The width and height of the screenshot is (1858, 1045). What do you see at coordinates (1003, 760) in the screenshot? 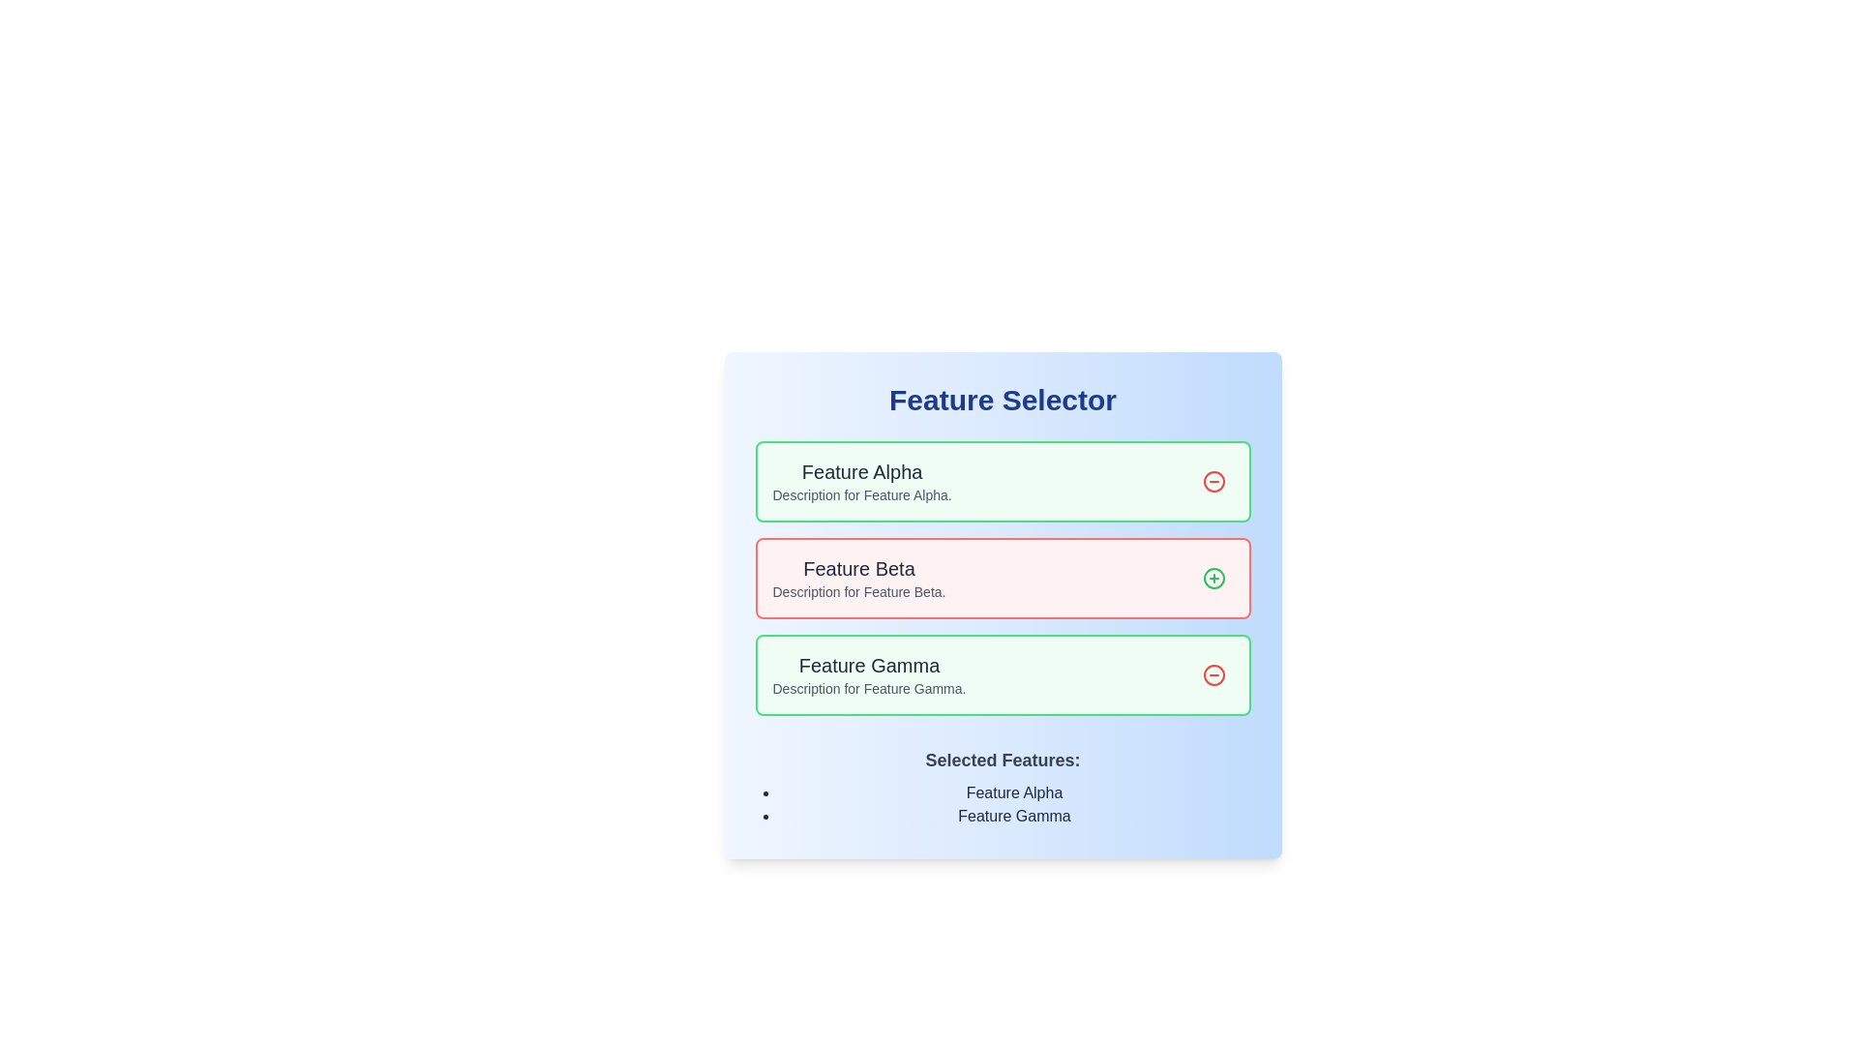
I see `the text label reading 'Selected Features:' which is styled in a larger font size and semi-bold weight, located near the bottom of the layout` at bounding box center [1003, 760].